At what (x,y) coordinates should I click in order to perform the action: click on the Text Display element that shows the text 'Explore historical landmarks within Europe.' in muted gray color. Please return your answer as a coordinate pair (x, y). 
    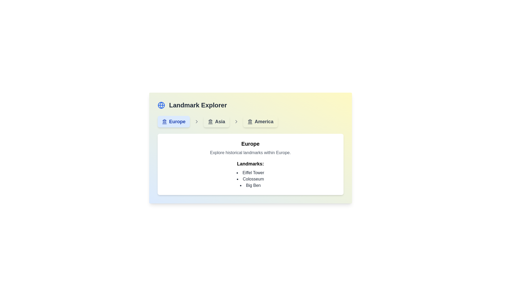
    Looking at the image, I should click on (250, 153).